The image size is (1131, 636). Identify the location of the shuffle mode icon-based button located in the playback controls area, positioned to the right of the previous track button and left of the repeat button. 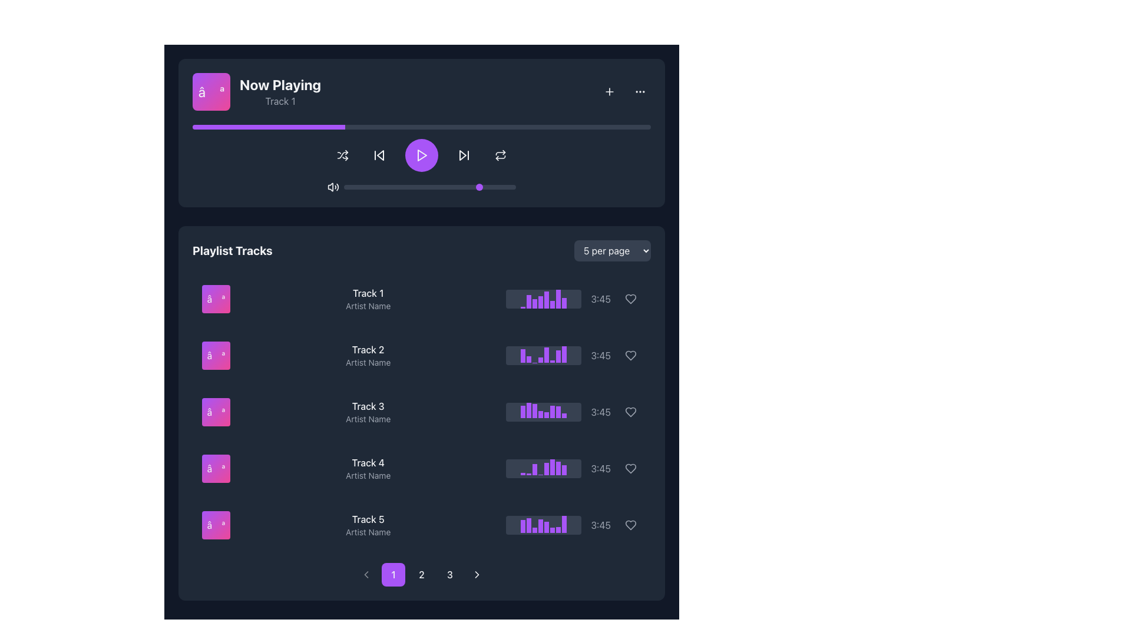
(342, 154).